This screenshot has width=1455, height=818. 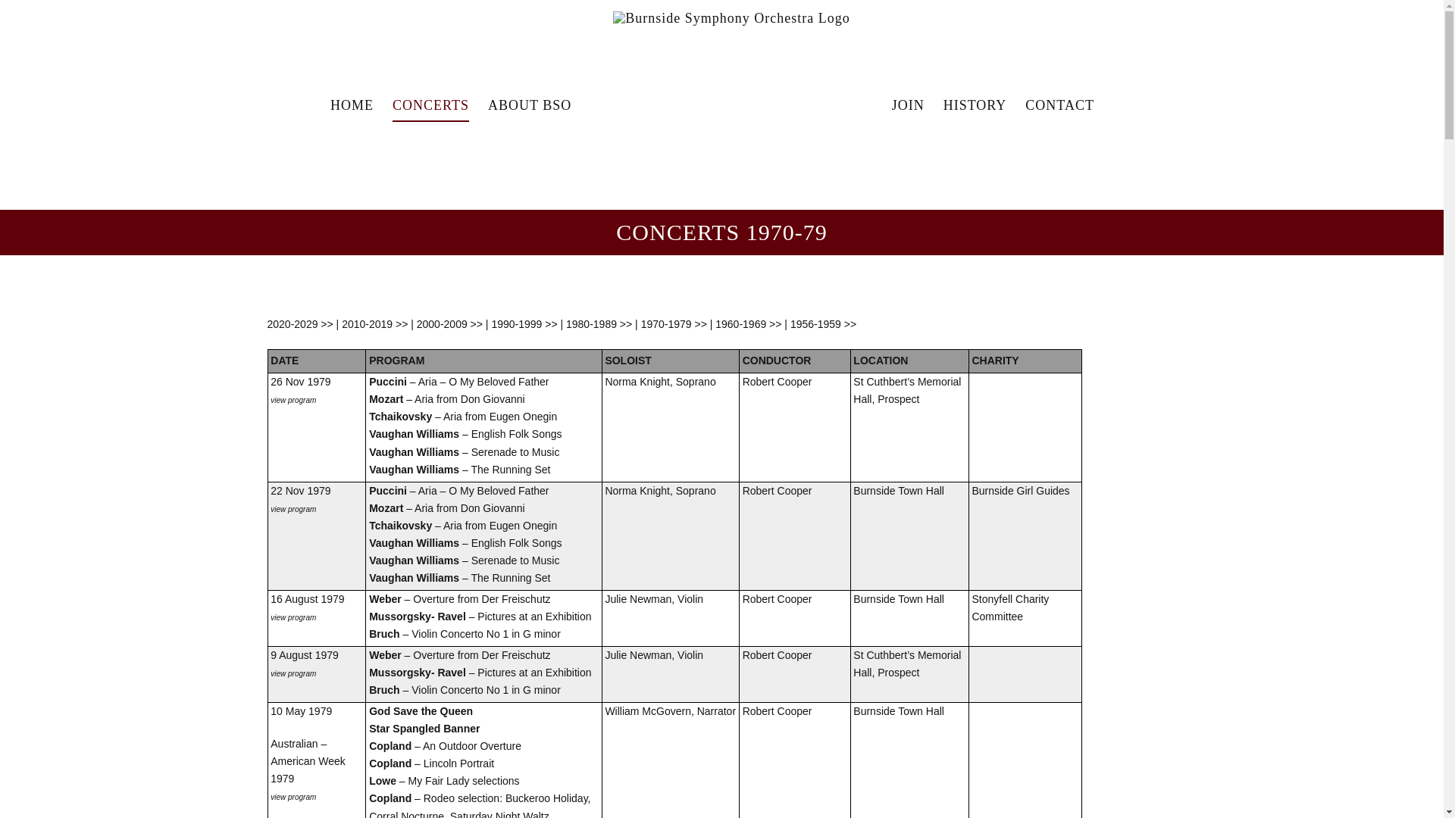 I want to click on 'view program', so click(x=293, y=398).